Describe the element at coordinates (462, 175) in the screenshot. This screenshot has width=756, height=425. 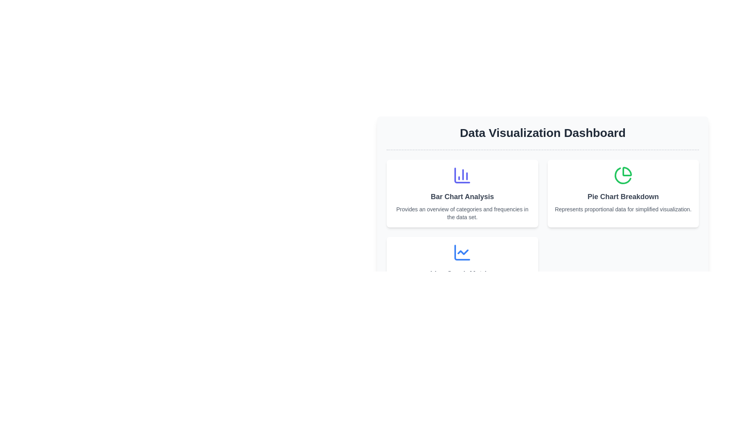
I see `the SVG icon representing bar chart data analysis located at the top center of the card titled 'Bar Chart Analysis'` at that location.